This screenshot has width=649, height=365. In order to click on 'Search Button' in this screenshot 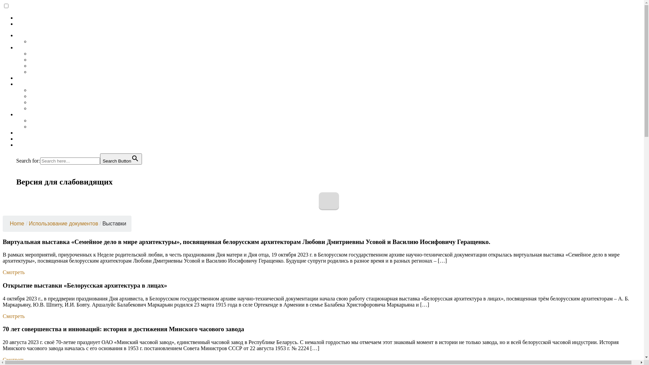, I will do `click(121, 159)`.